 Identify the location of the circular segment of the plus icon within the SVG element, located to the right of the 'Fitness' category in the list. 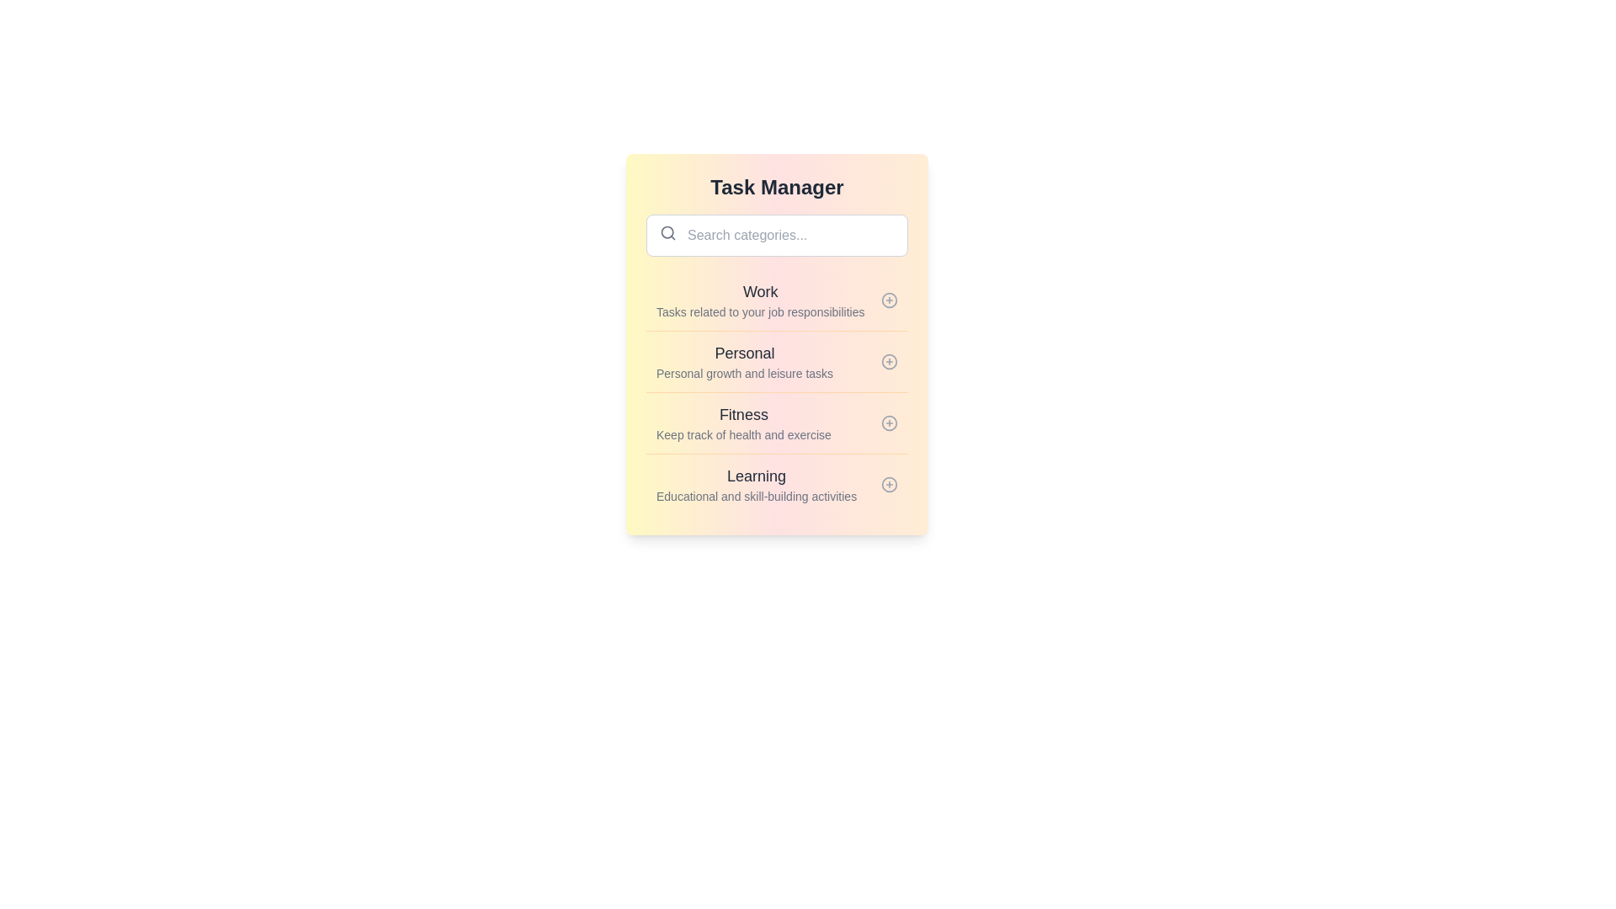
(888, 422).